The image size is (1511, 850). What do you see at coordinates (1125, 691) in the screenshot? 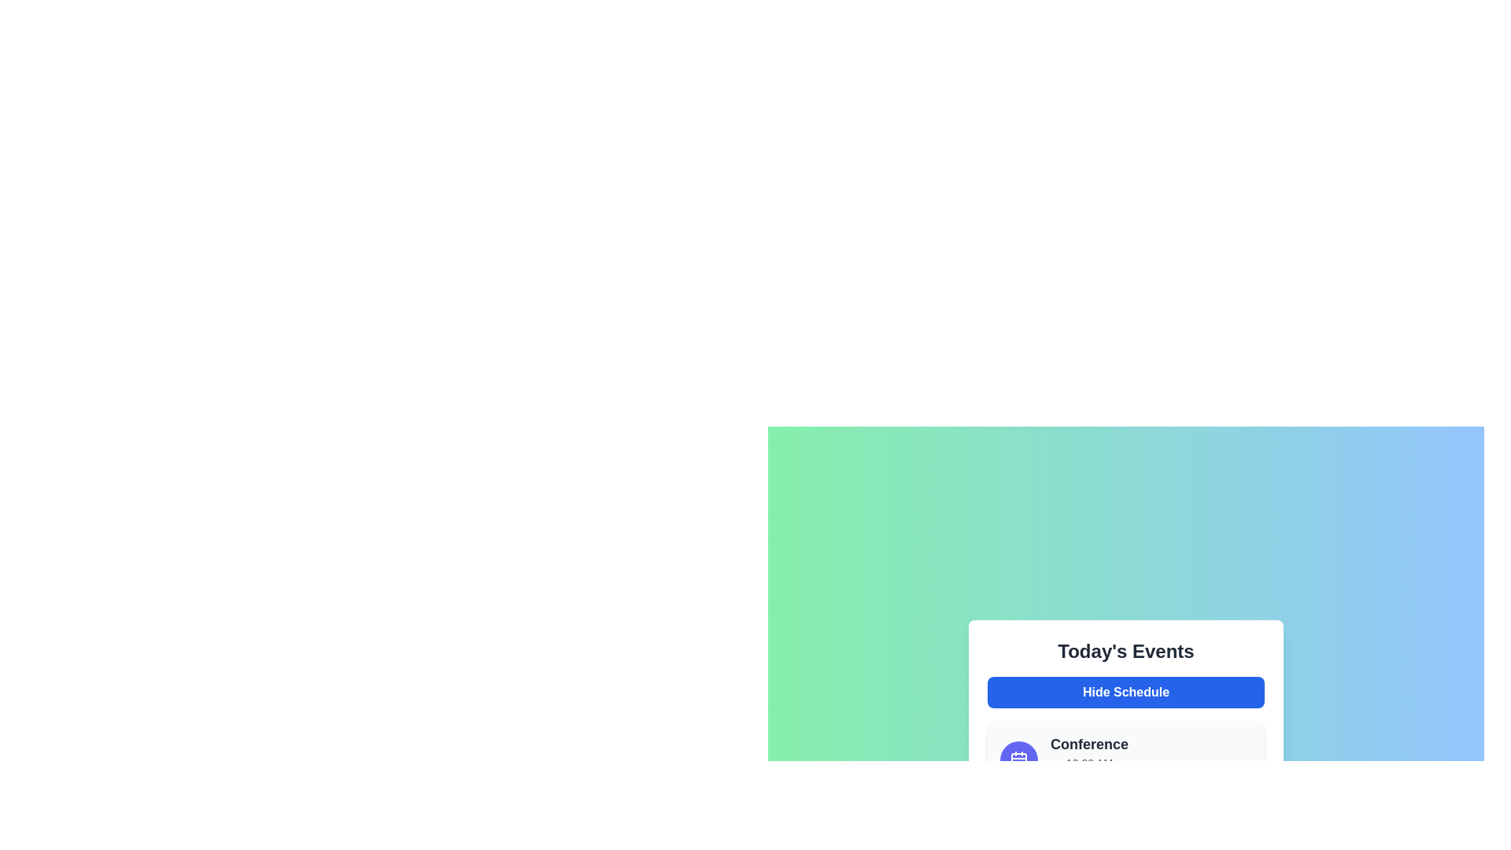
I see `the 'Hide Schedule' button to toggle the visibility of the schedule` at bounding box center [1125, 691].